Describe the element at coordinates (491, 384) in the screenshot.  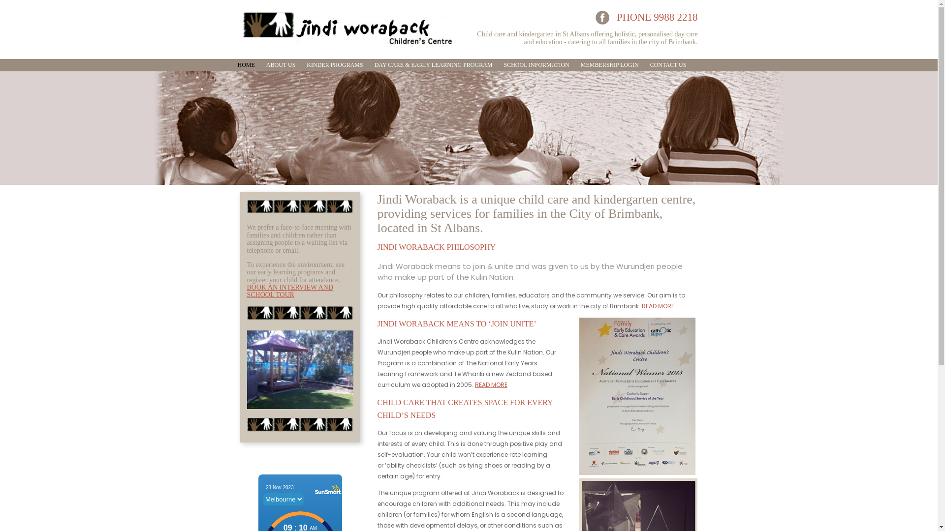
I see `'READ MORE'` at that location.